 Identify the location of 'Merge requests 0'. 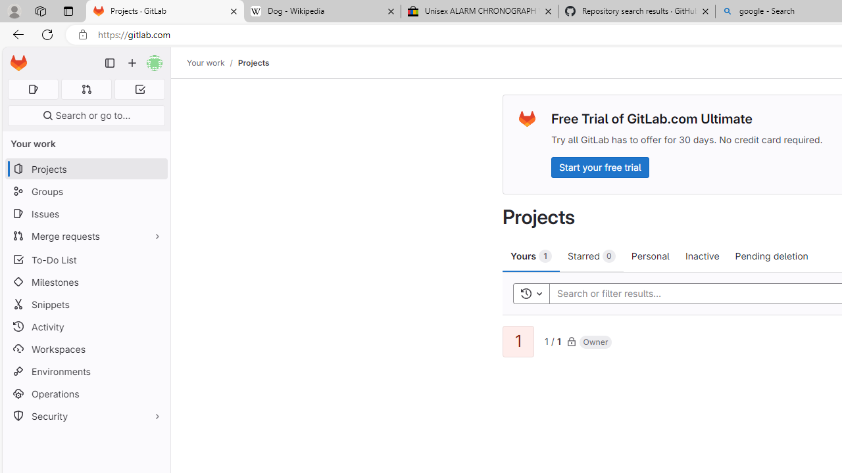
(86, 89).